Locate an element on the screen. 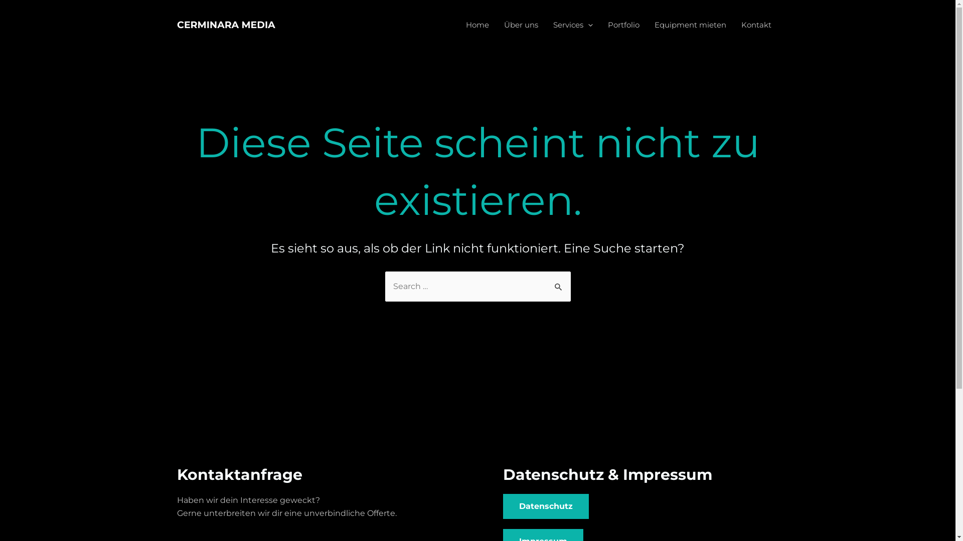  'Suche' is located at coordinates (558, 282).